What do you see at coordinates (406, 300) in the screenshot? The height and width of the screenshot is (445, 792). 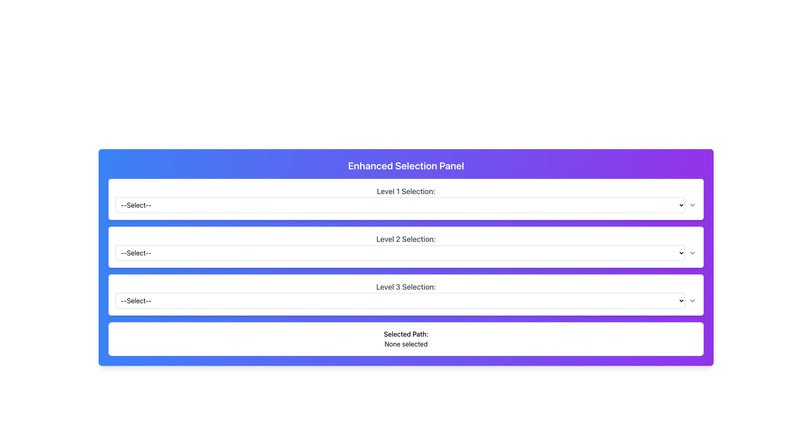 I see `the third dropdown menu in the 'Level 3 Selection:' section and tab to interact with it` at bounding box center [406, 300].